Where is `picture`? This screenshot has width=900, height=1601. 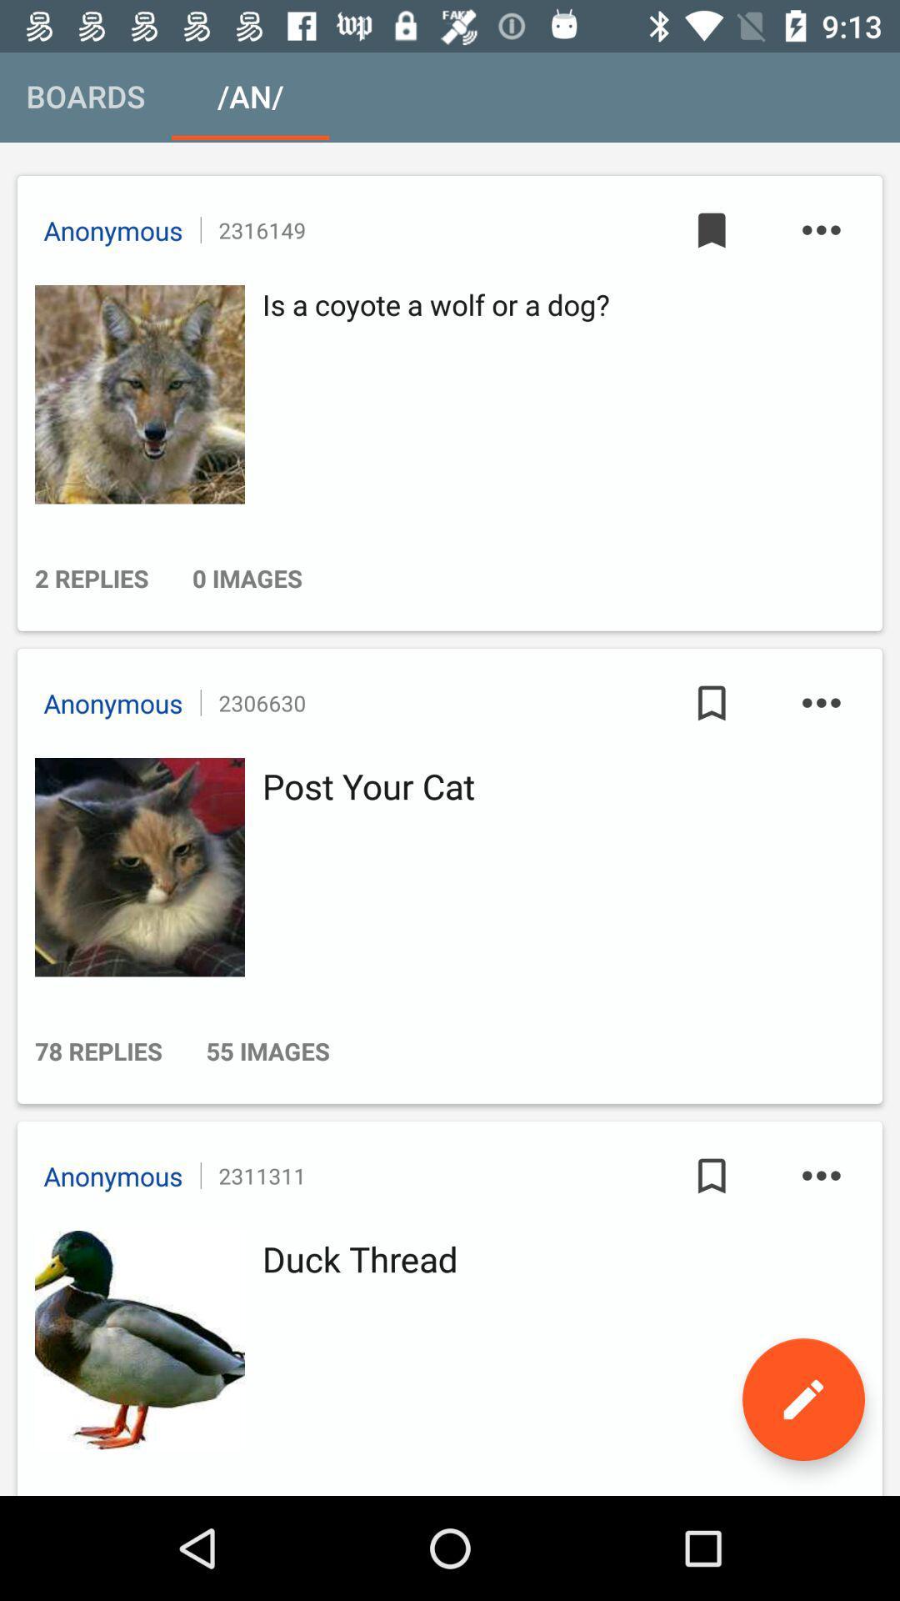 picture is located at coordinates (134, 867).